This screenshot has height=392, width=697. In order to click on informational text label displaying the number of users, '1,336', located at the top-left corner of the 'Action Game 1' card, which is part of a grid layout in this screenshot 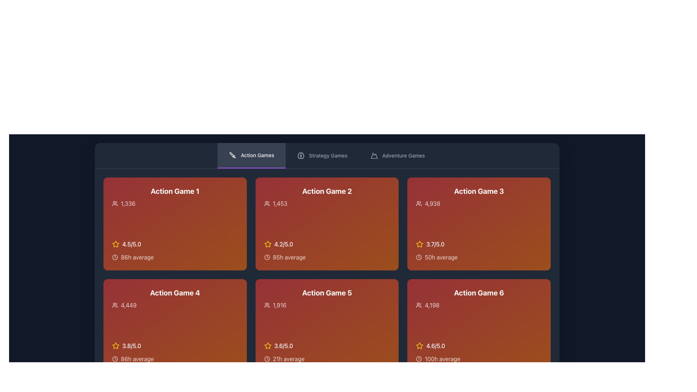, I will do `click(128, 203)`.